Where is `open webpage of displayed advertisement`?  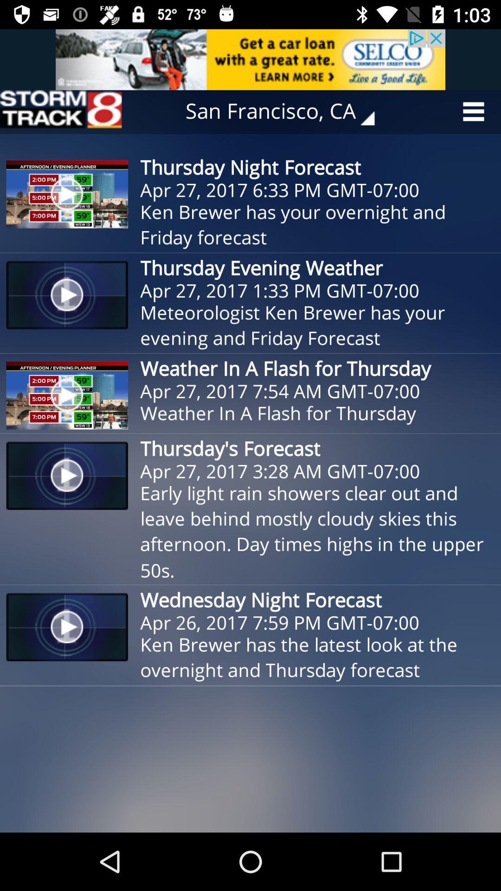
open webpage of displayed advertisement is located at coordinates (250, 59).